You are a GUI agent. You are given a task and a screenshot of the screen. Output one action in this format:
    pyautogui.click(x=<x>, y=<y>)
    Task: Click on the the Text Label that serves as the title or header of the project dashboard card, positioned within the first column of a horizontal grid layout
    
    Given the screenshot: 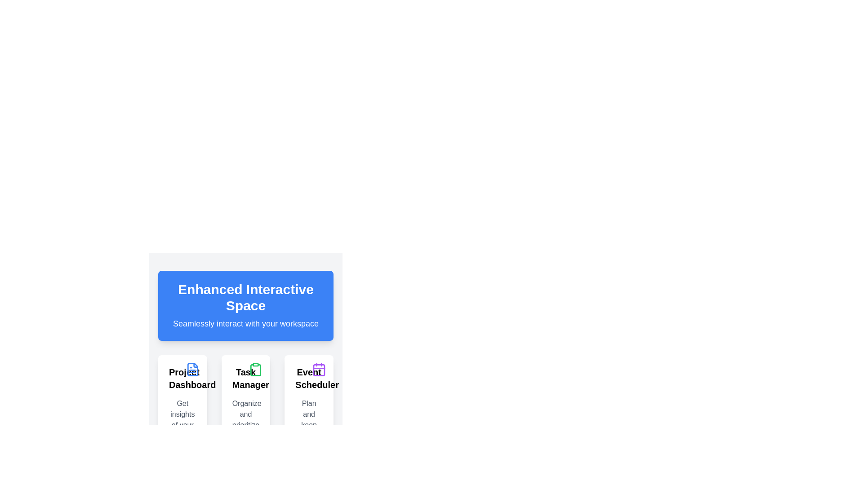 What is the action you would take?
    pyautogui.click(x=182, y=379)
    